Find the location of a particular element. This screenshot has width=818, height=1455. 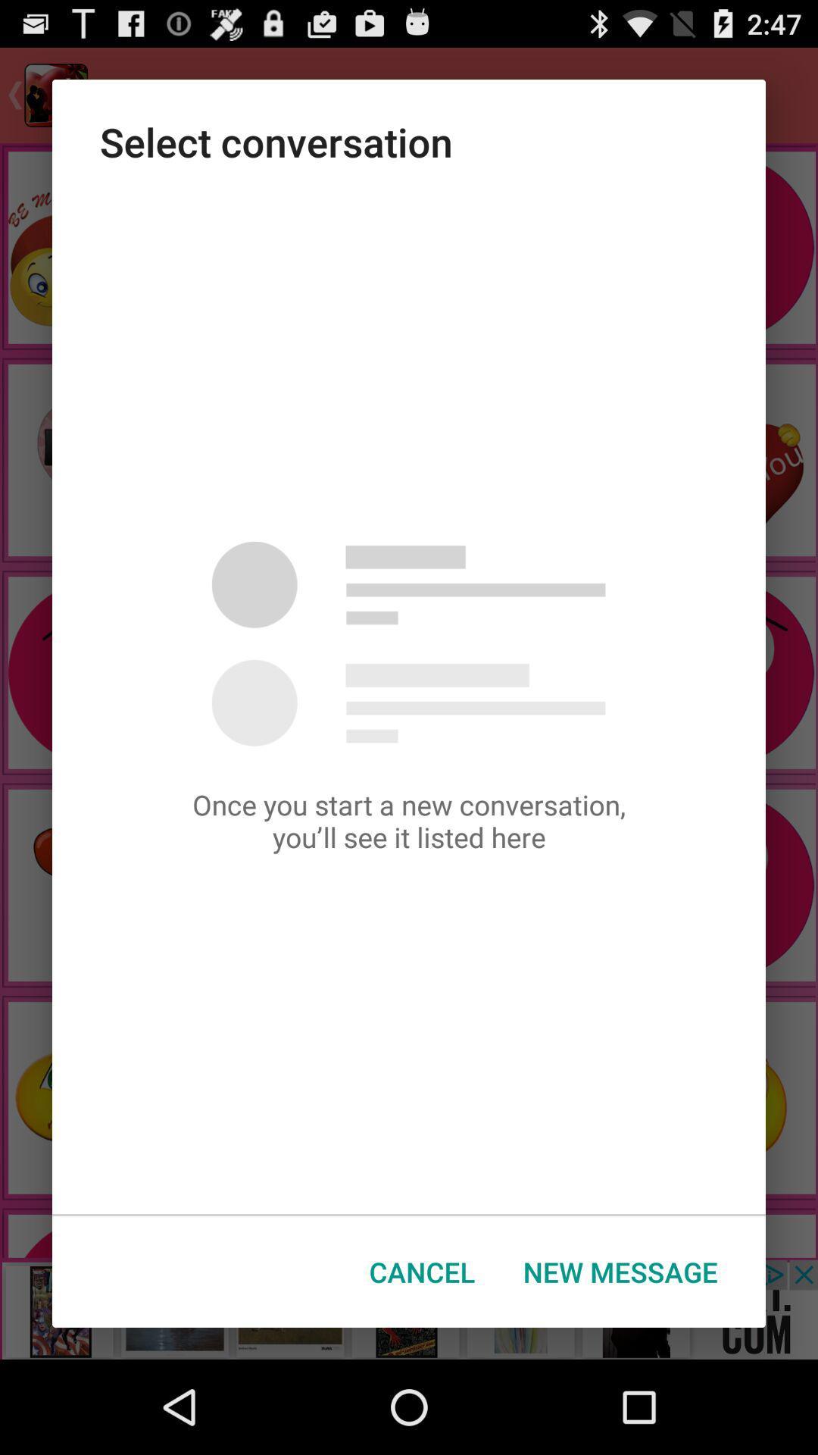

the button next to the new message item is located at coordinates (422, 1272).